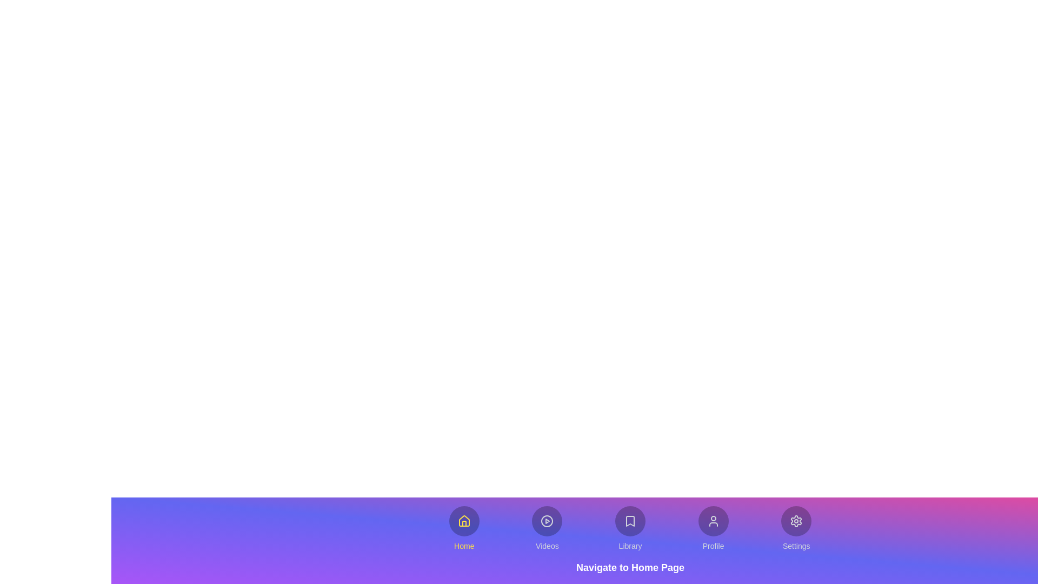 This screenshot has width=1038, height=584. Describe the element at coordinates (464, 528) in the screenshot. I see `the Home tab to activate it` at that location.